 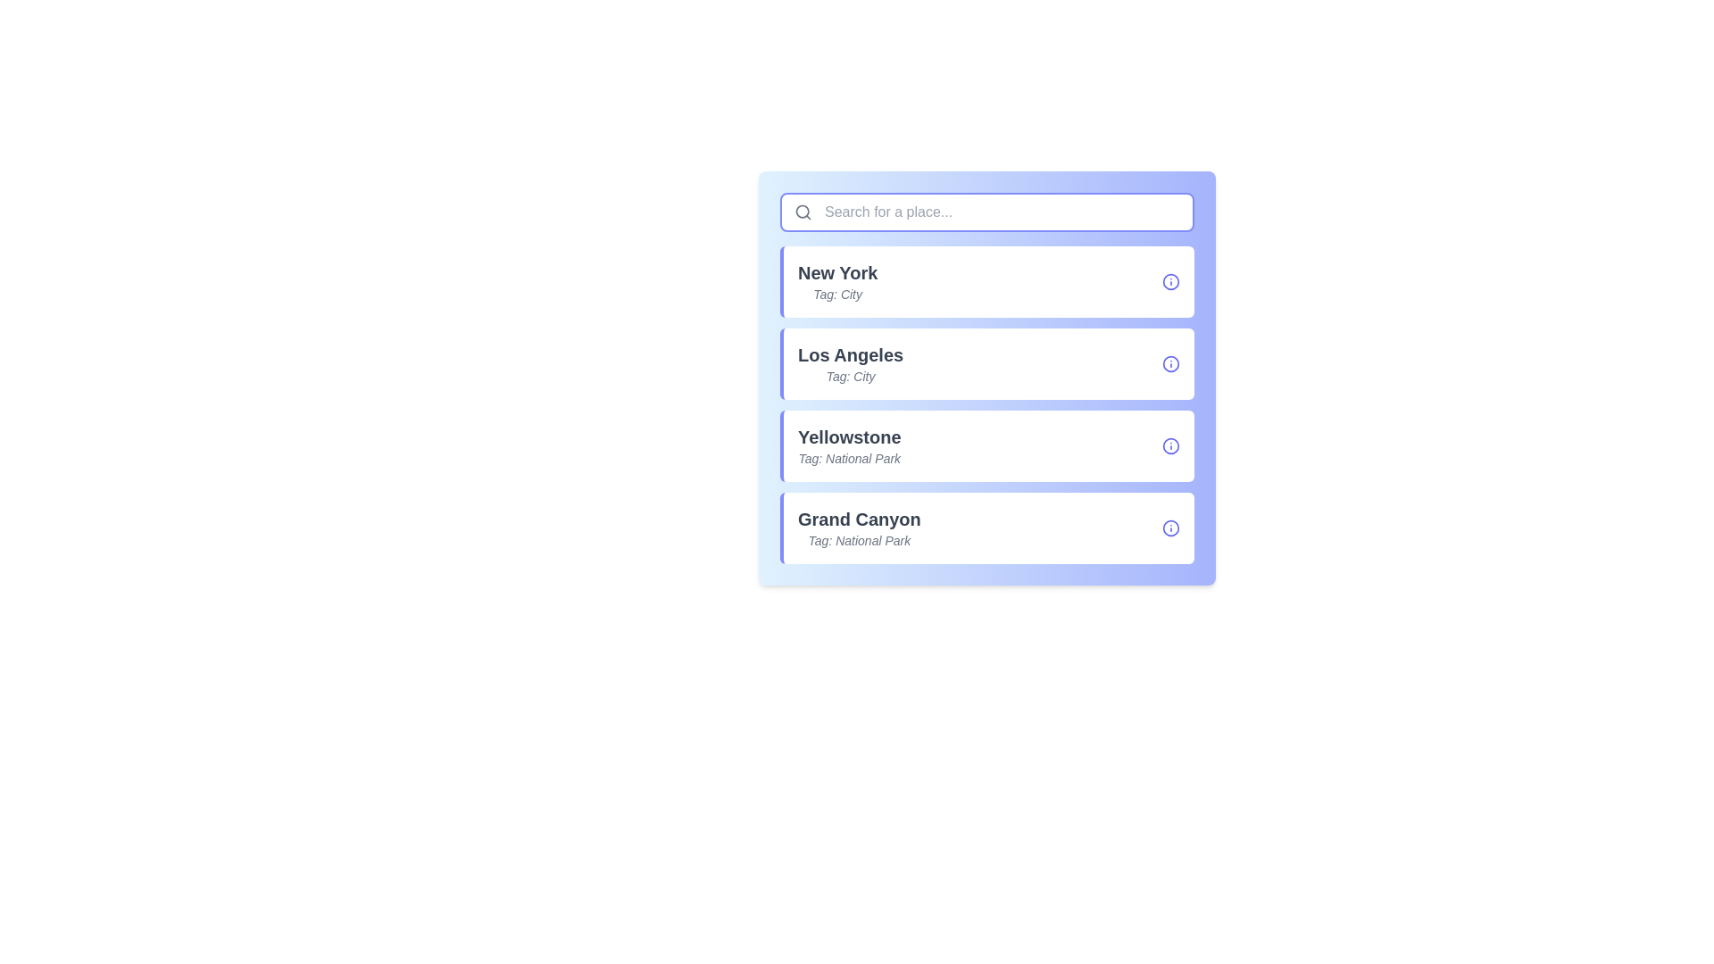 I want to click on the circular shape of the search icon located at the far left inside the rectangular search bar at the top of the interface, so click(x=802, y=211).